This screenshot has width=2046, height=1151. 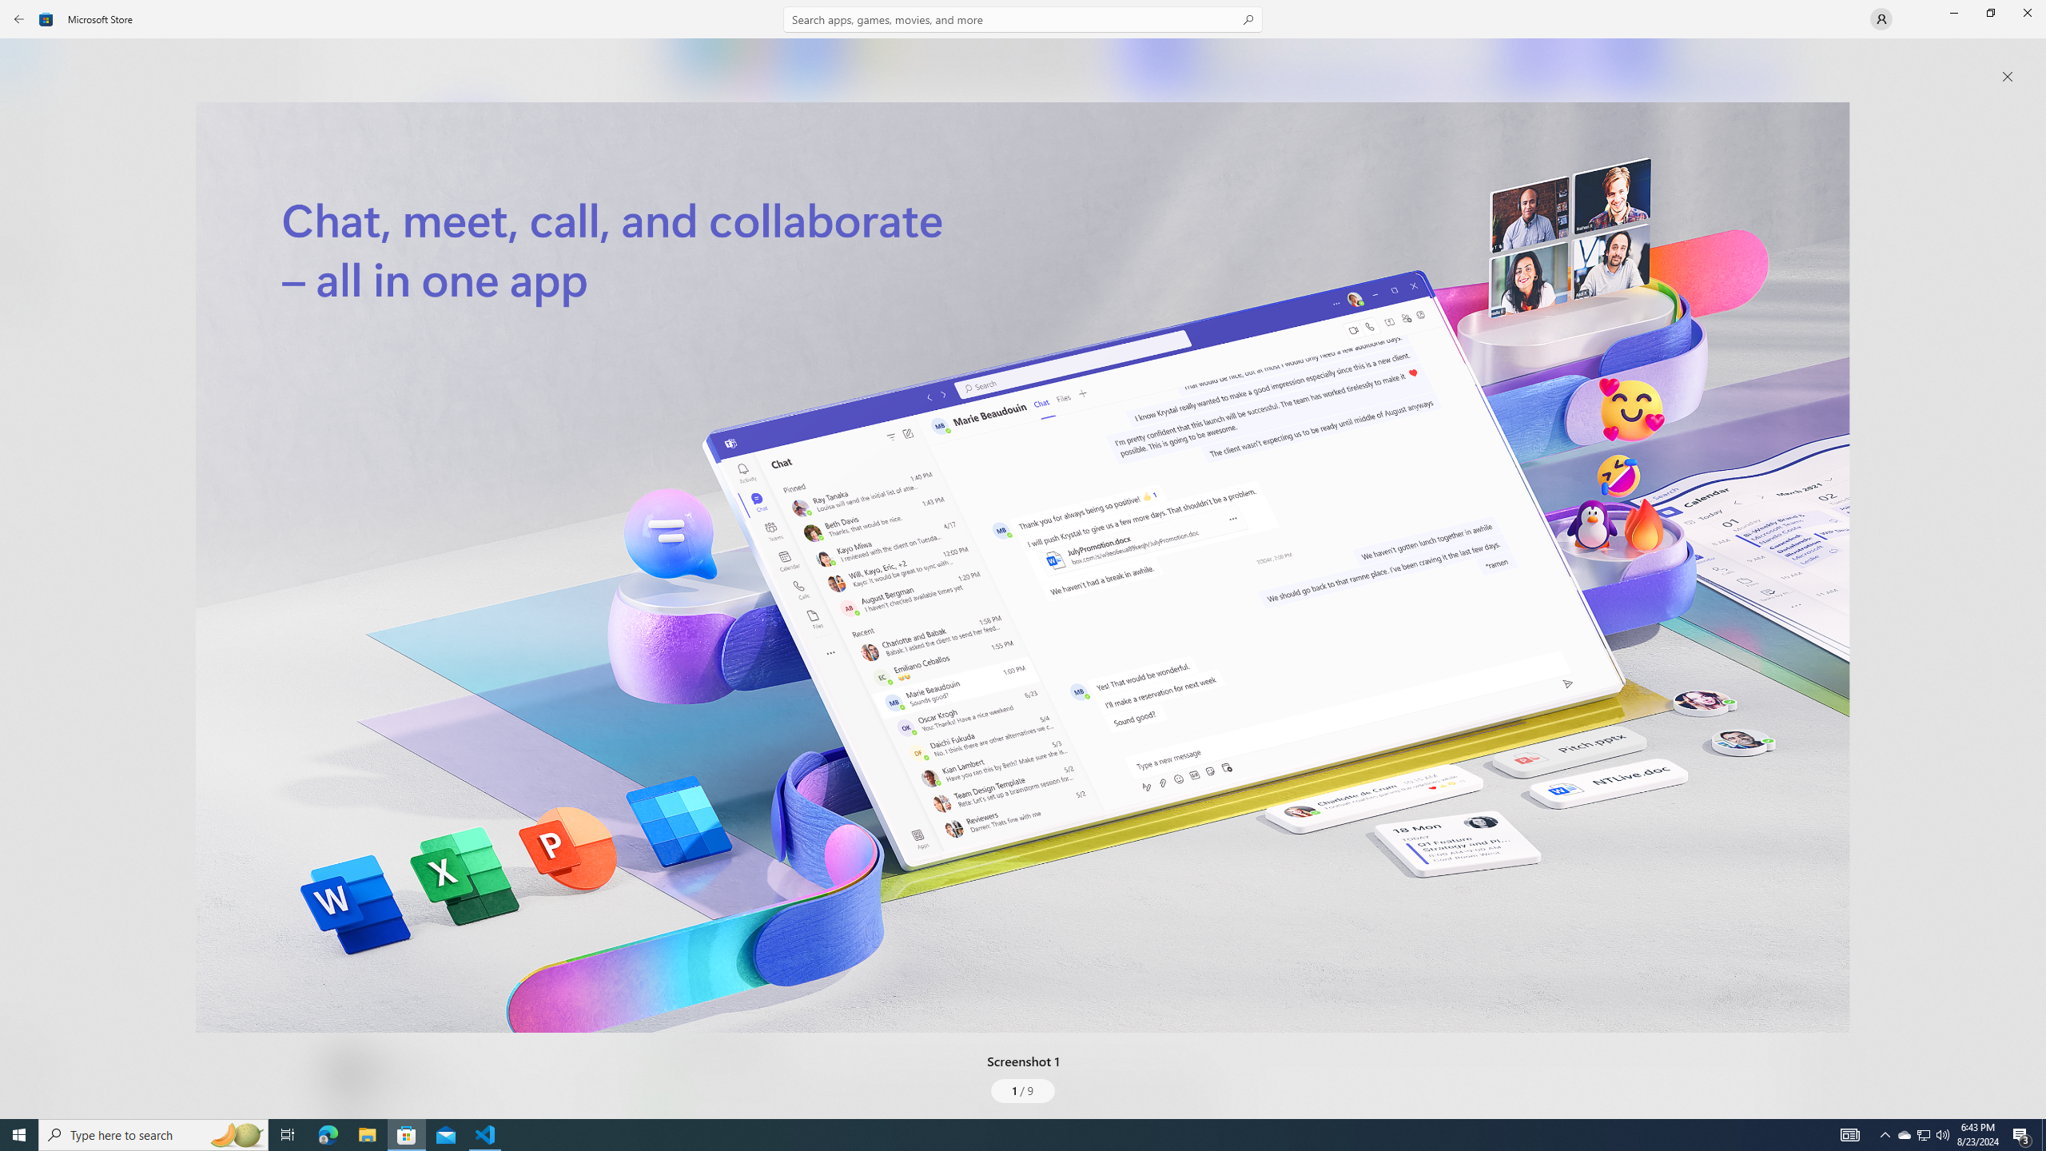 I want to click on 'Search', so click(x=1023, y=18).